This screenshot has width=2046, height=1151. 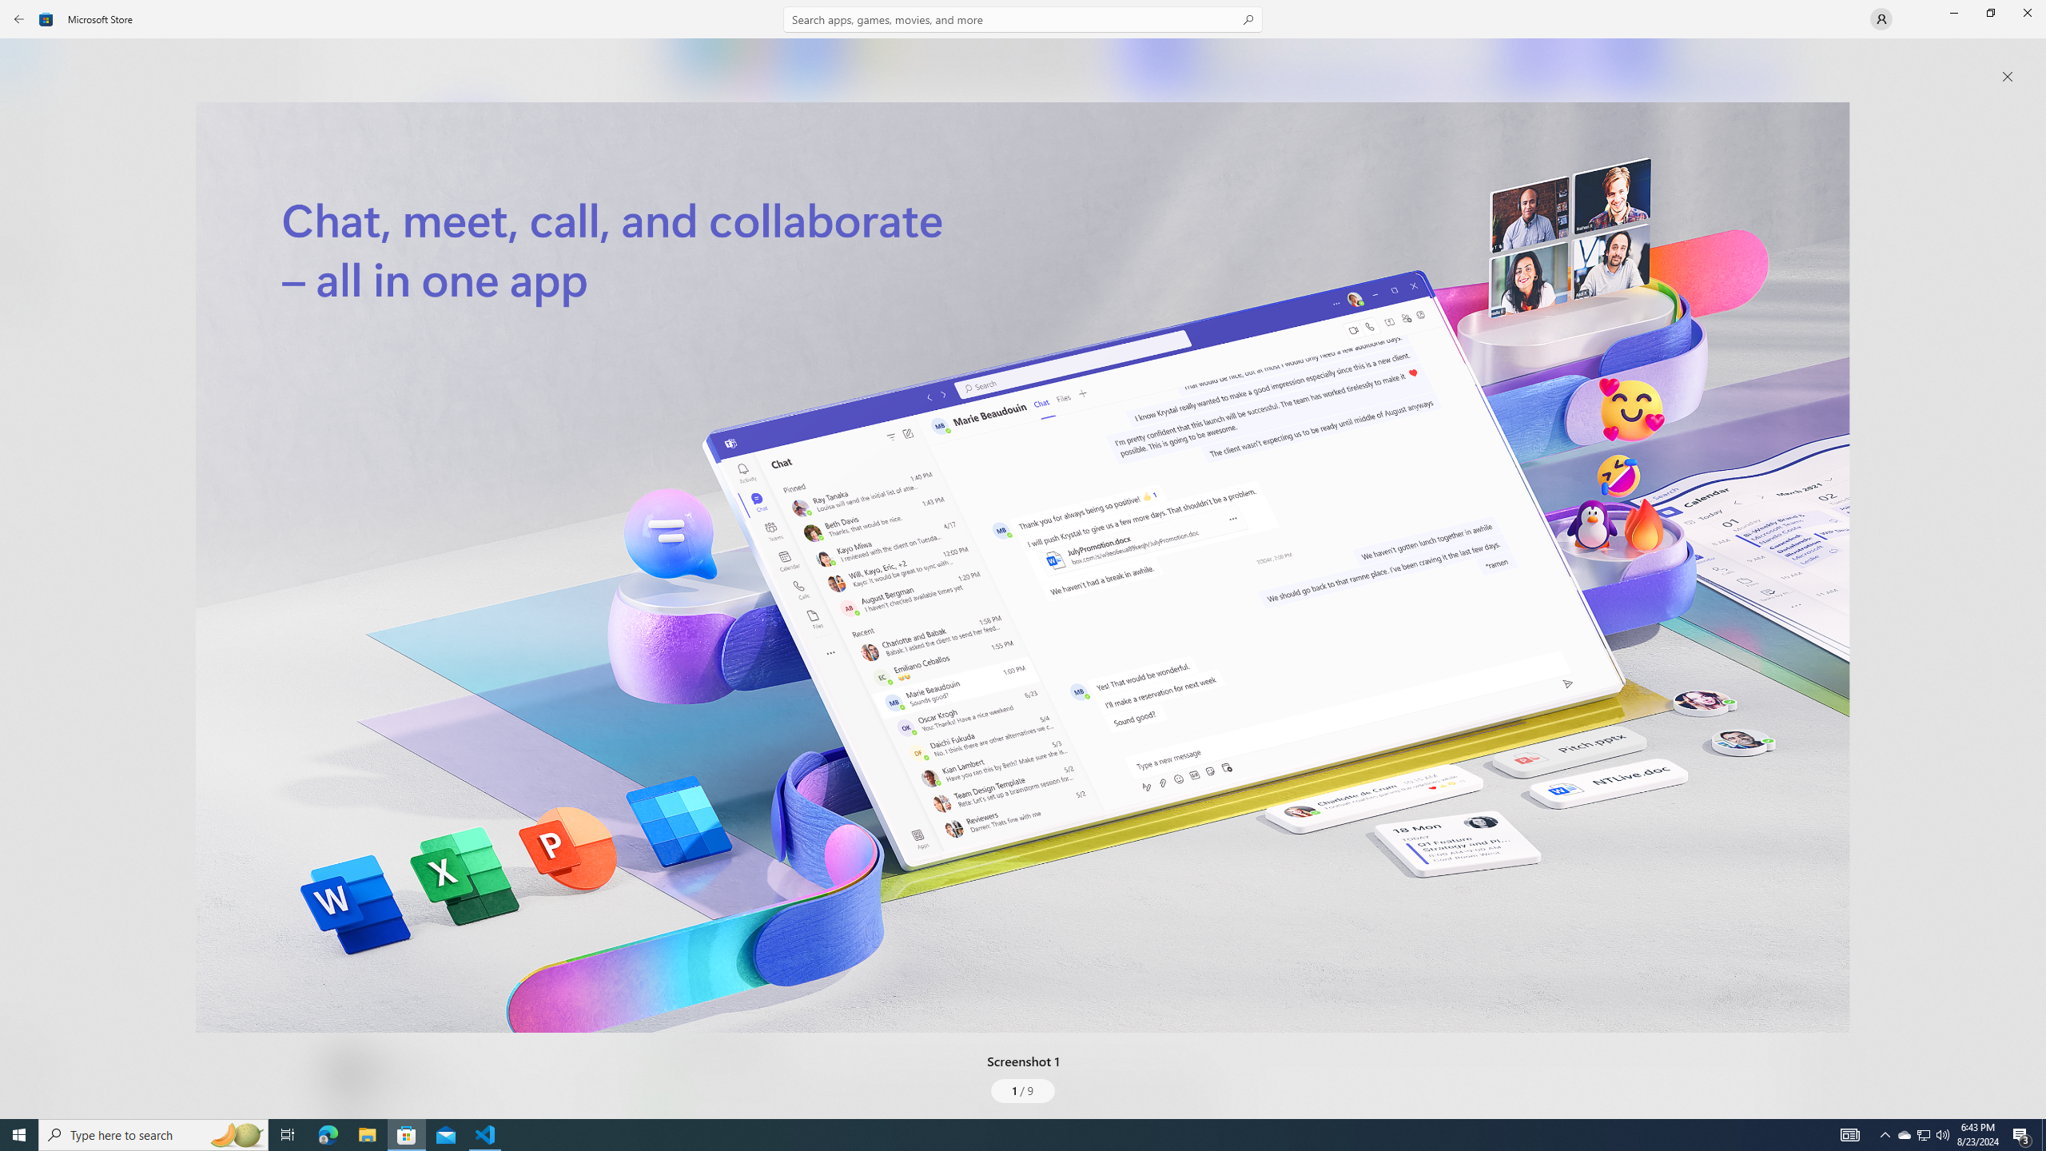 I want to click on 'Search', so click(x=1023, y=18).